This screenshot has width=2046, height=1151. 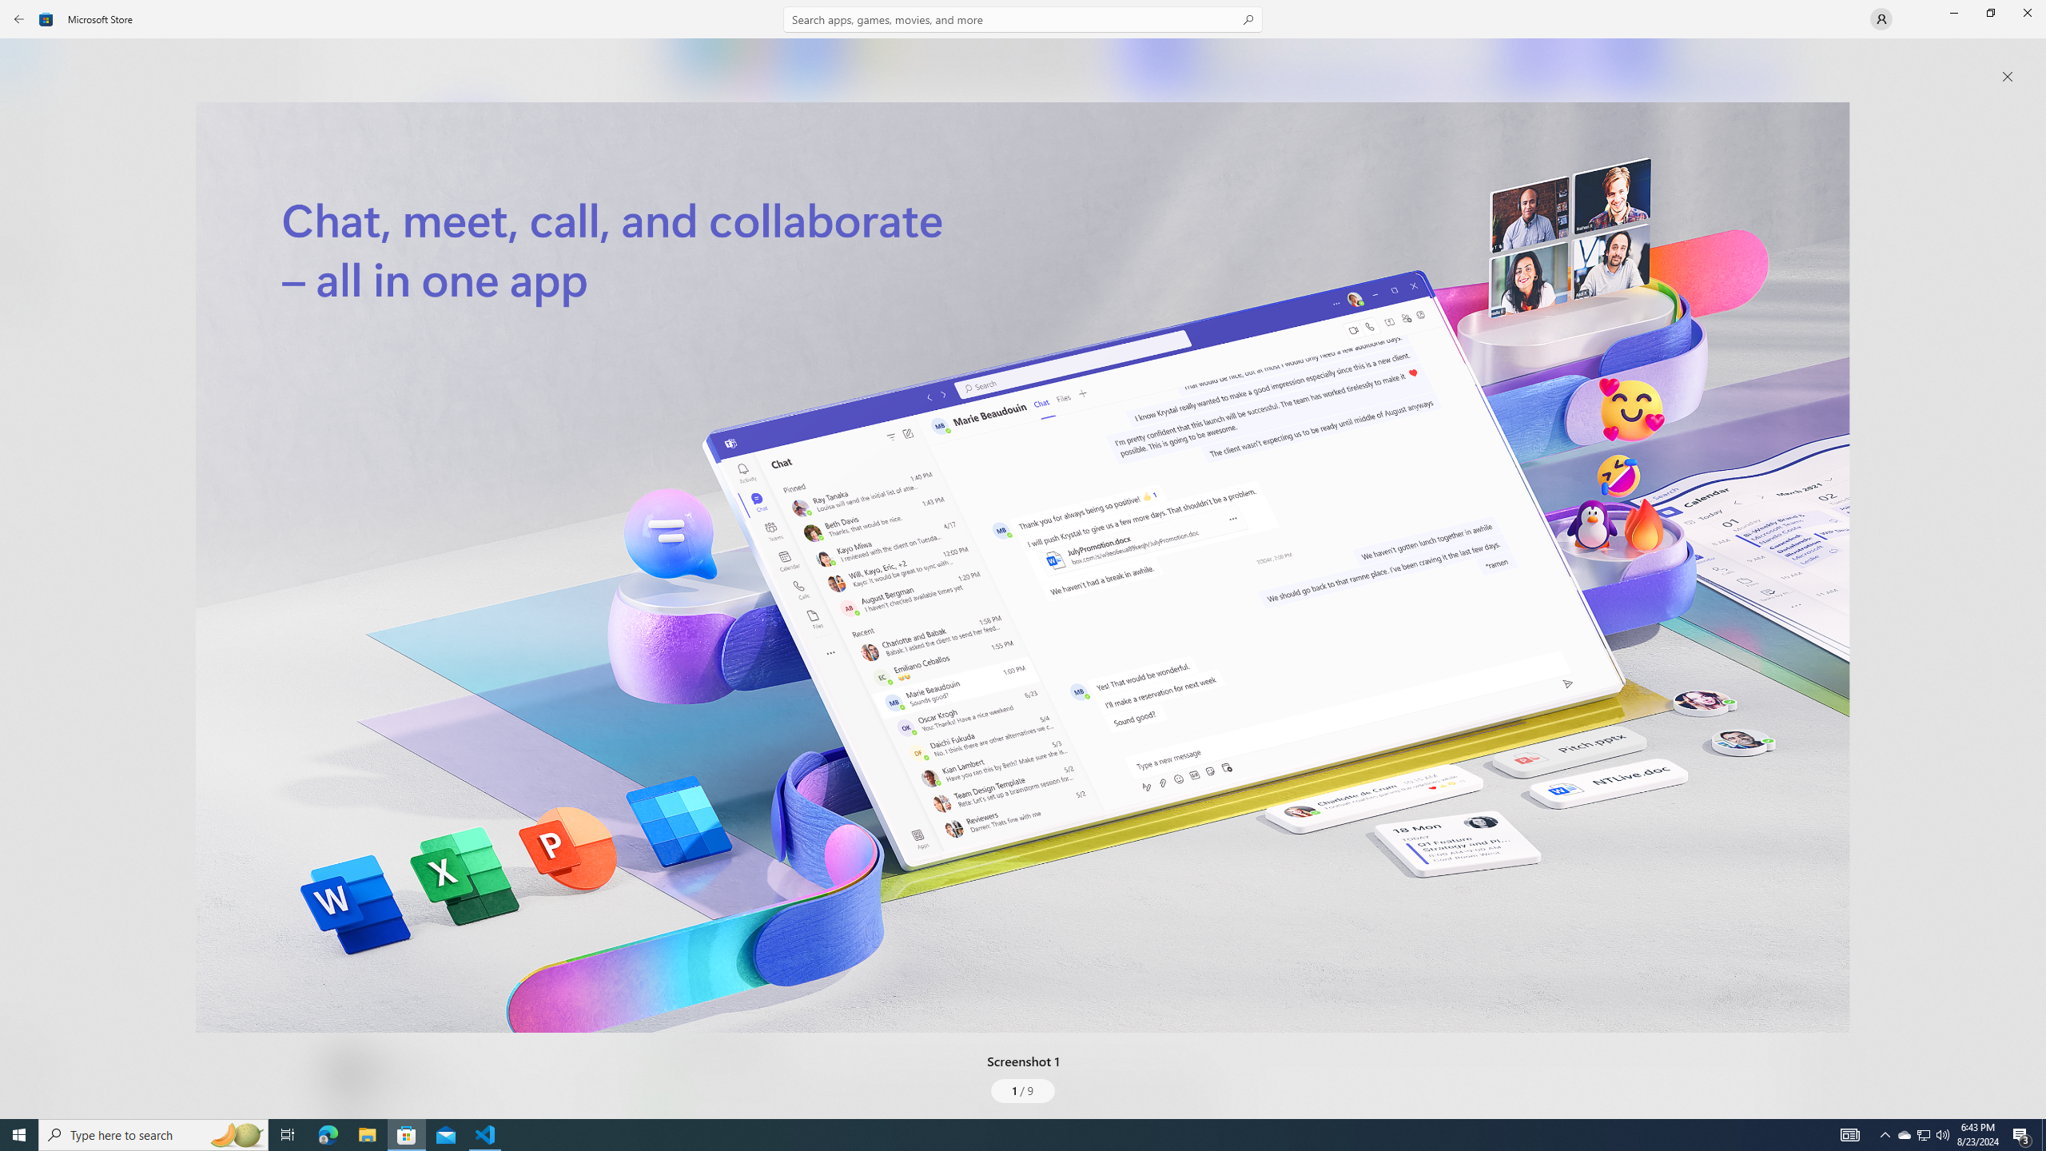 I want to click on 'Search', so click(x=1023, y=18).